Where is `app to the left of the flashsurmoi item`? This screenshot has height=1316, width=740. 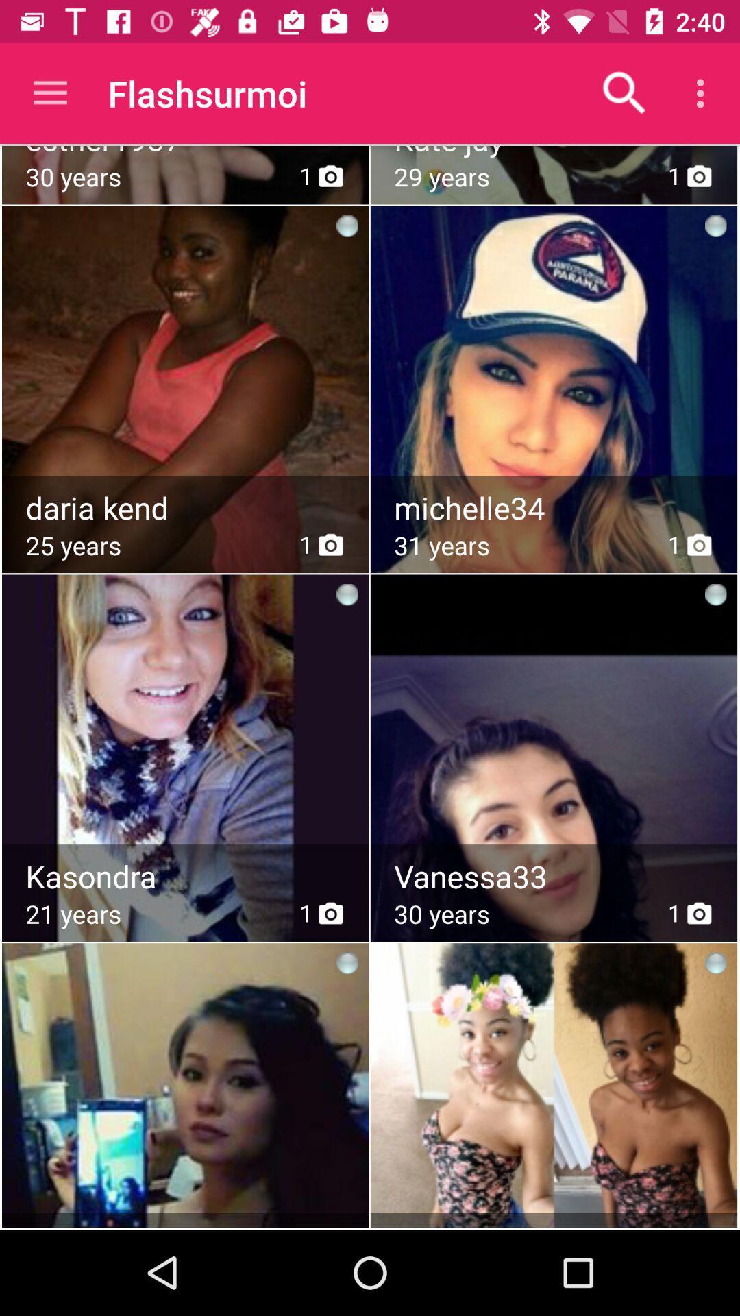 app to the left of the flashsurmoi item is located at coordinates (49, 93).